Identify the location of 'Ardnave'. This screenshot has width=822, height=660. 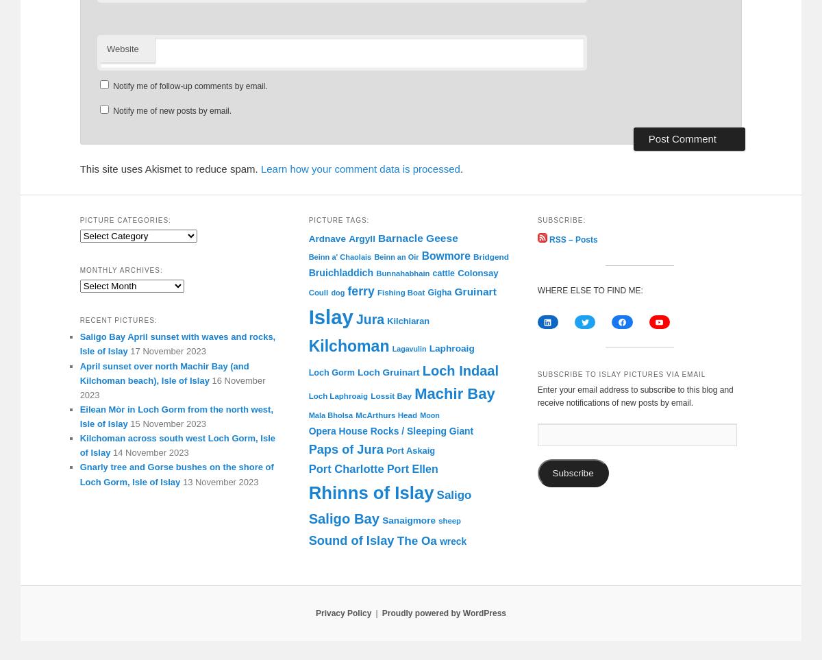
(326, 239).